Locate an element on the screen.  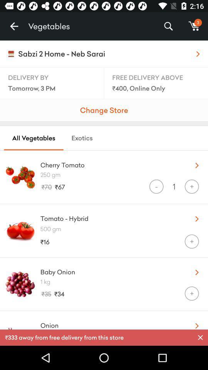
the + icon is located at coordinates (191, 293).